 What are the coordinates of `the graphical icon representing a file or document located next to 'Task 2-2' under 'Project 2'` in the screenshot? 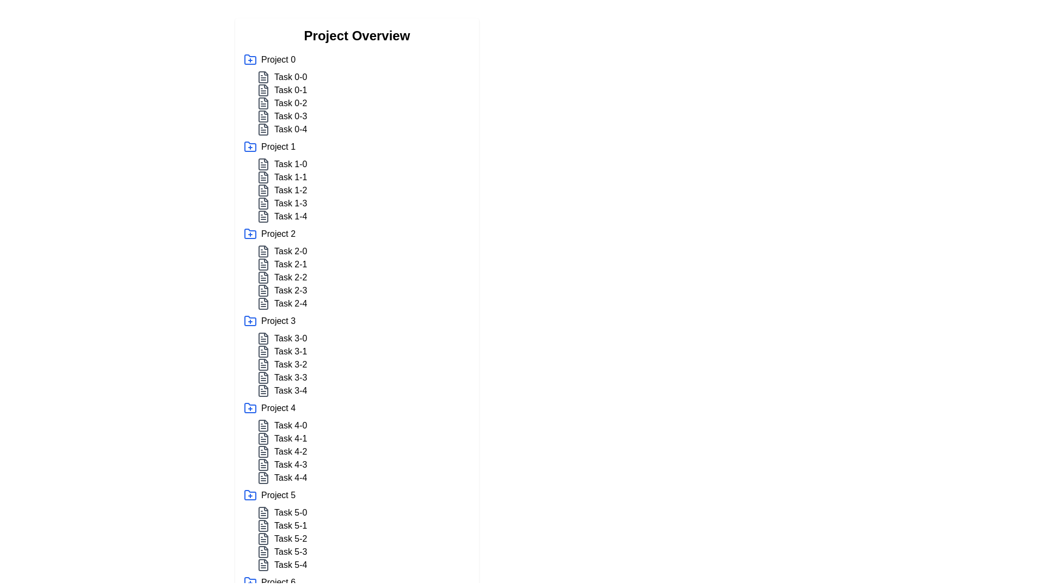 It's located at (263, 290).